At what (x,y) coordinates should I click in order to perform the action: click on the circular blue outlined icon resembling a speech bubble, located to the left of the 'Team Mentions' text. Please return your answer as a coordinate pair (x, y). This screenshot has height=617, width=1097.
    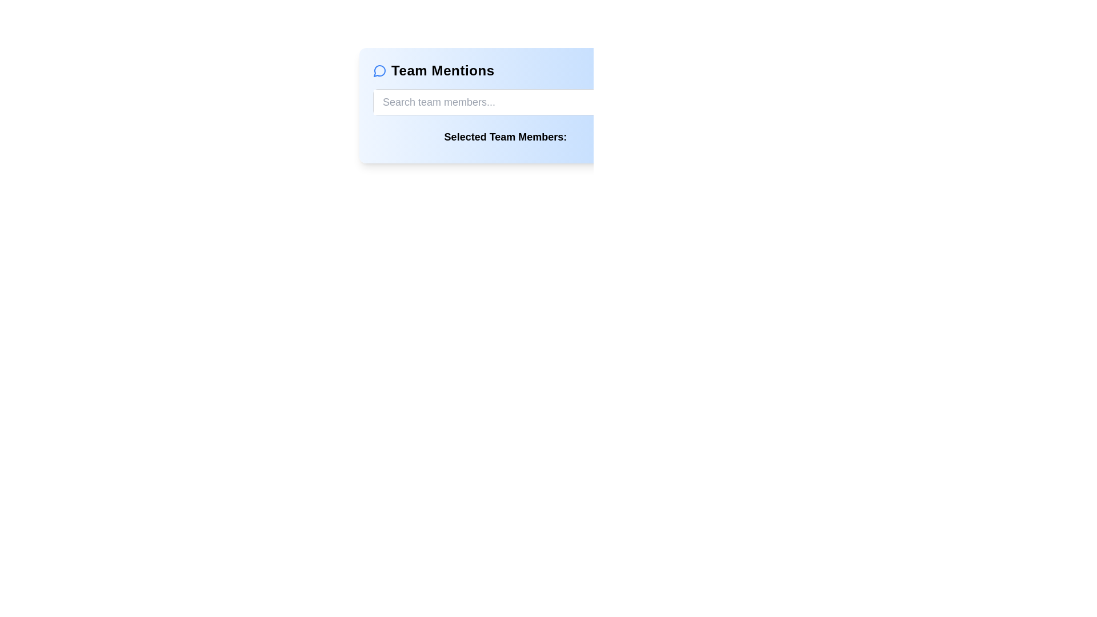
    Looking at the image, I should click on (380, 70).